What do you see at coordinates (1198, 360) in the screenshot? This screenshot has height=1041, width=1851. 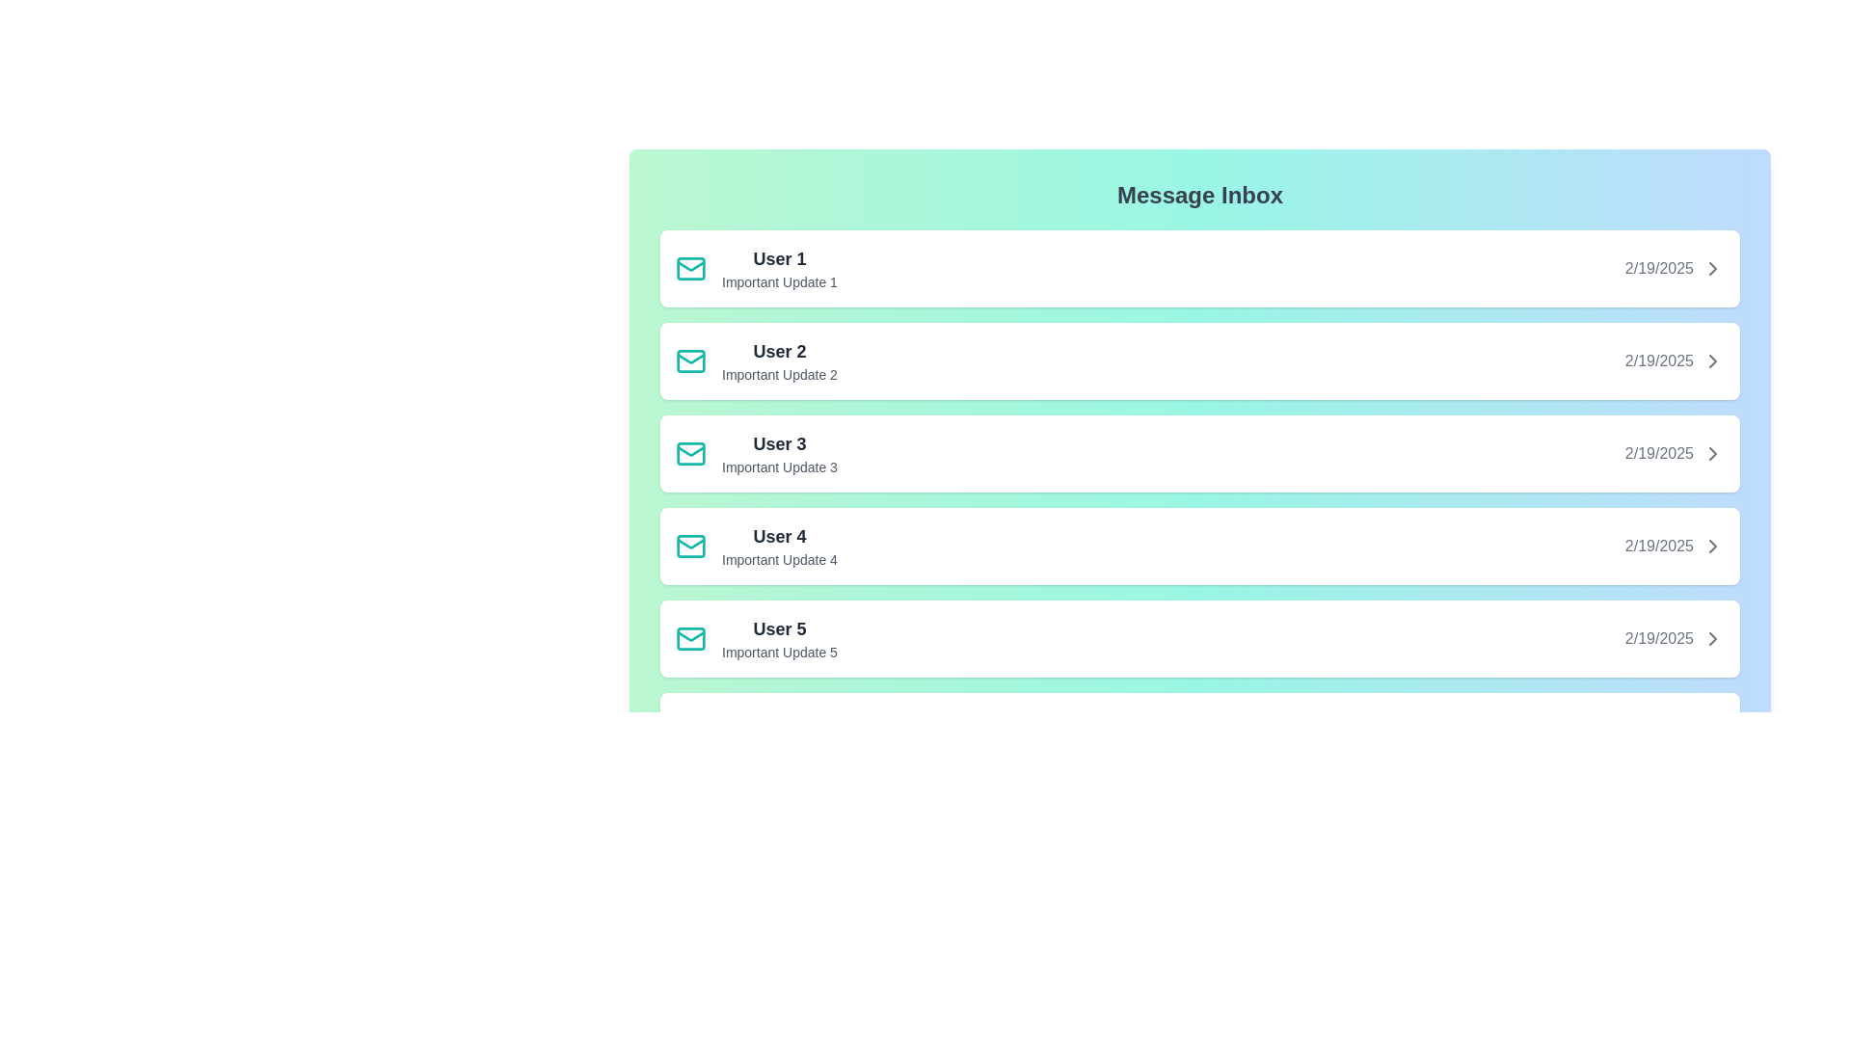 I see `the message from User 2 to highlight it` at bounding box center [1198, 360].